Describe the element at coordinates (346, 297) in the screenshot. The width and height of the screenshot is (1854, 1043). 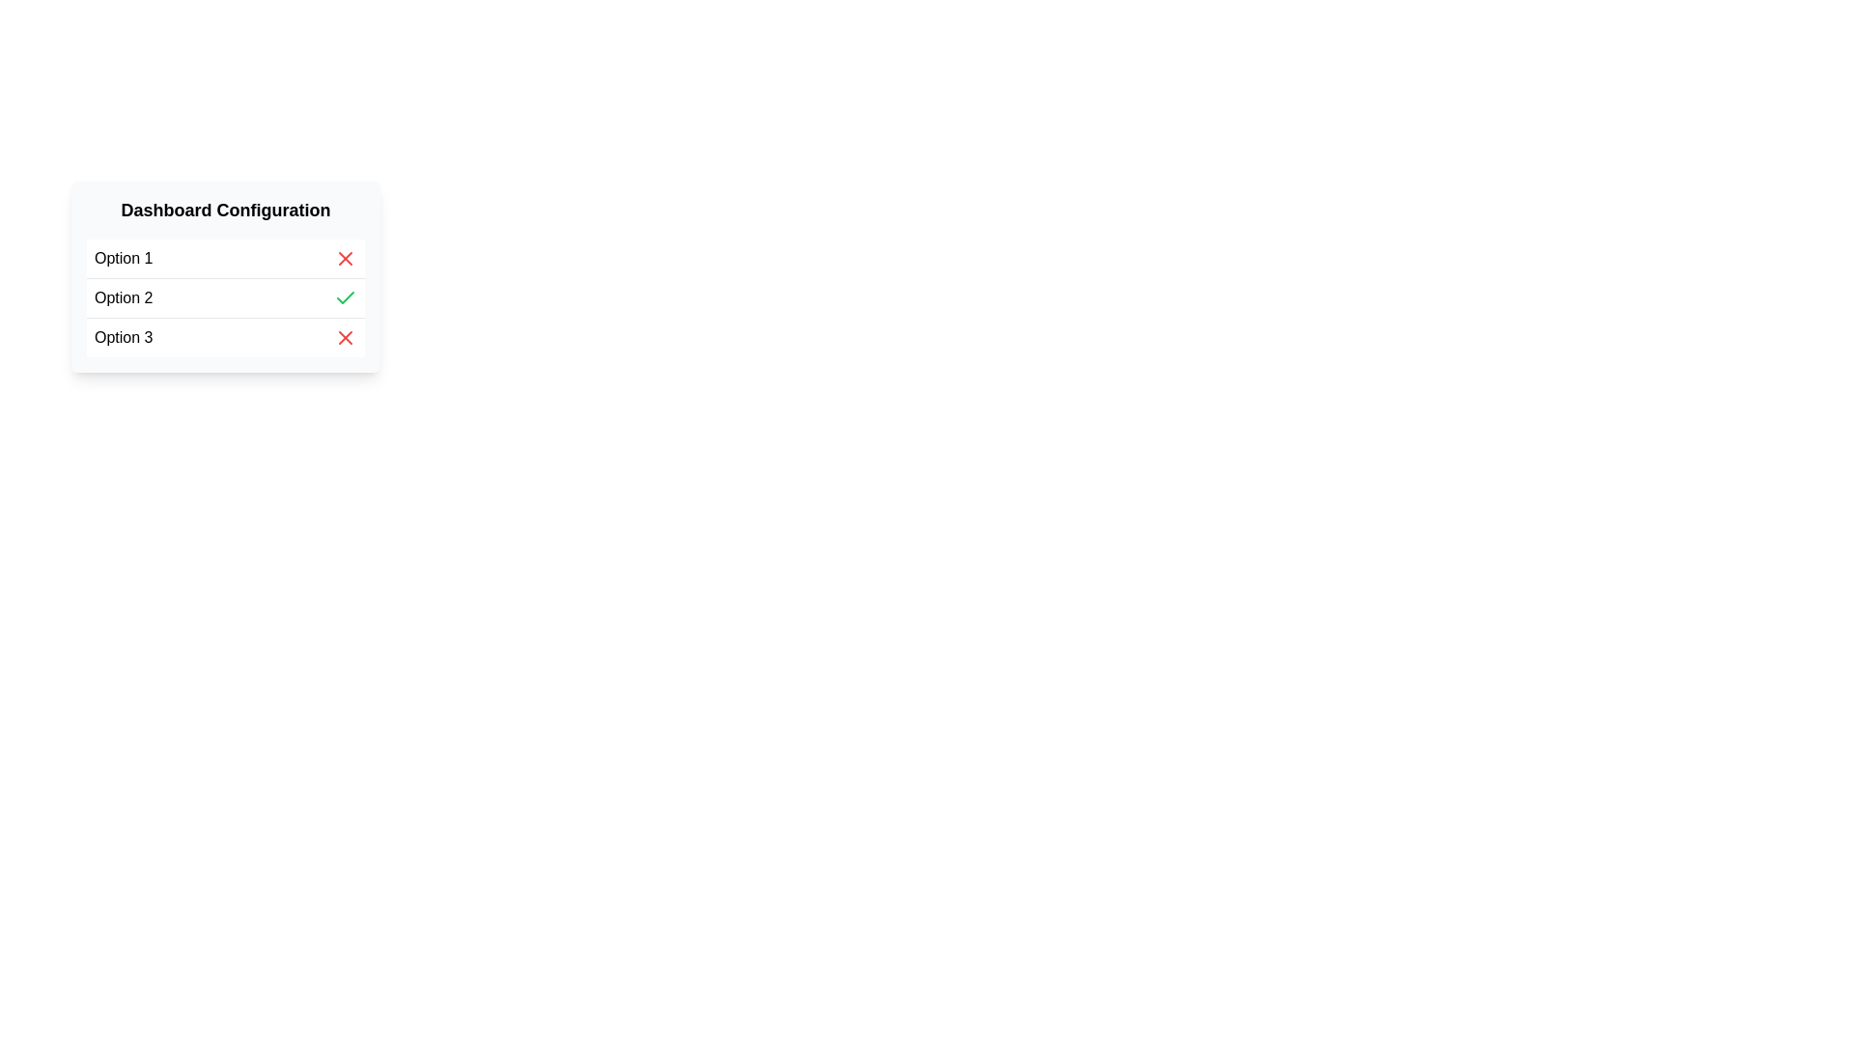
I see `the purpose of the green checkmark icon` at that location.